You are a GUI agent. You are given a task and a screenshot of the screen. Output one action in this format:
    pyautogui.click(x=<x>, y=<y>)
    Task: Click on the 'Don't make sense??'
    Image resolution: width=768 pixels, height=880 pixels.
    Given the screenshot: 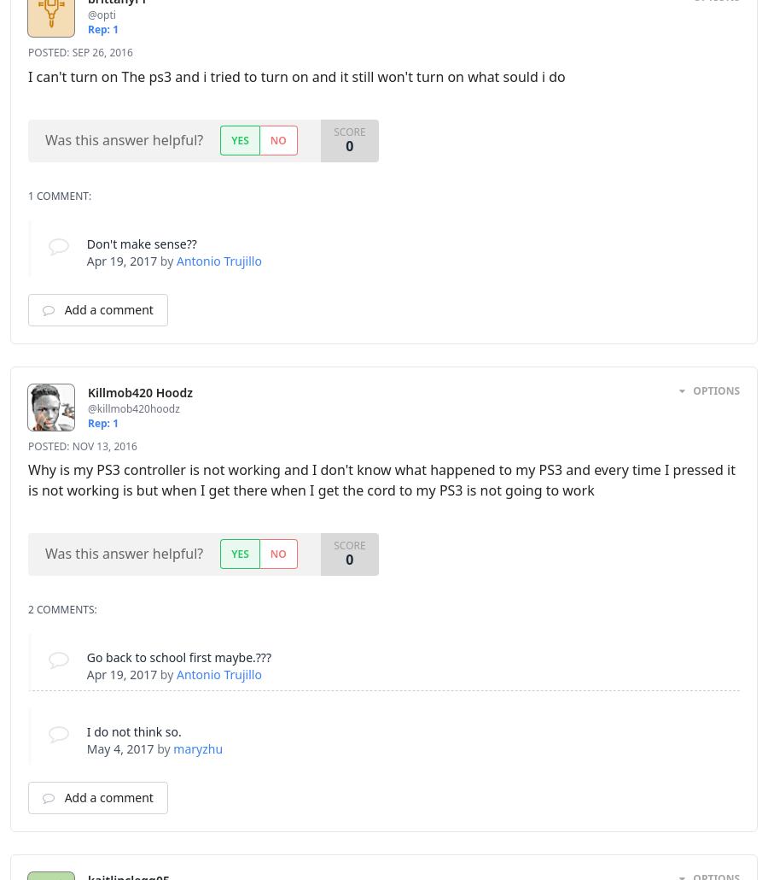 What is the action you would take?
    pyautogui.click(x=141, y=242)
    